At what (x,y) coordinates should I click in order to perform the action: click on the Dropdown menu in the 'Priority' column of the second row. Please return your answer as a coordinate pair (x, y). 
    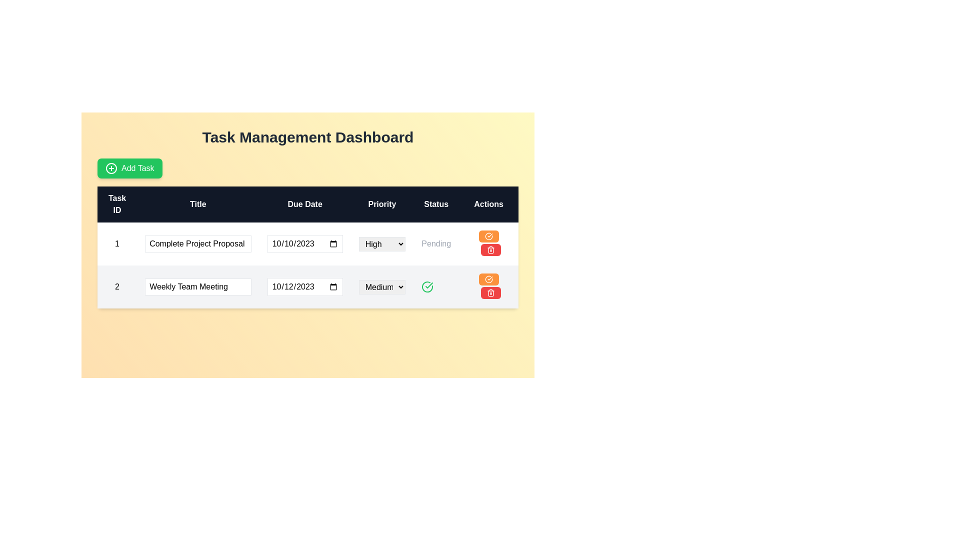
    Looking at the image, I should click on (381, 287).